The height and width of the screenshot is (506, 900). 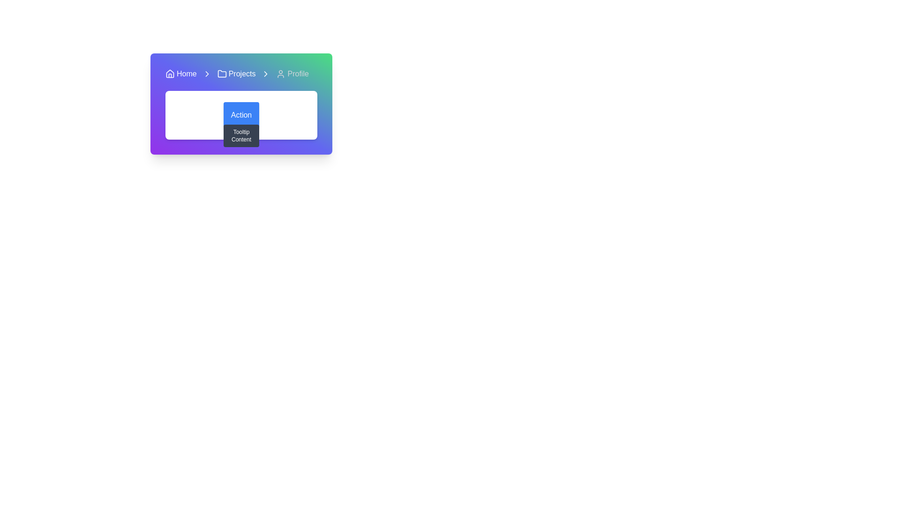 I want to click on the clickable link text located in the navigation bar, so click(x=181, y=74).